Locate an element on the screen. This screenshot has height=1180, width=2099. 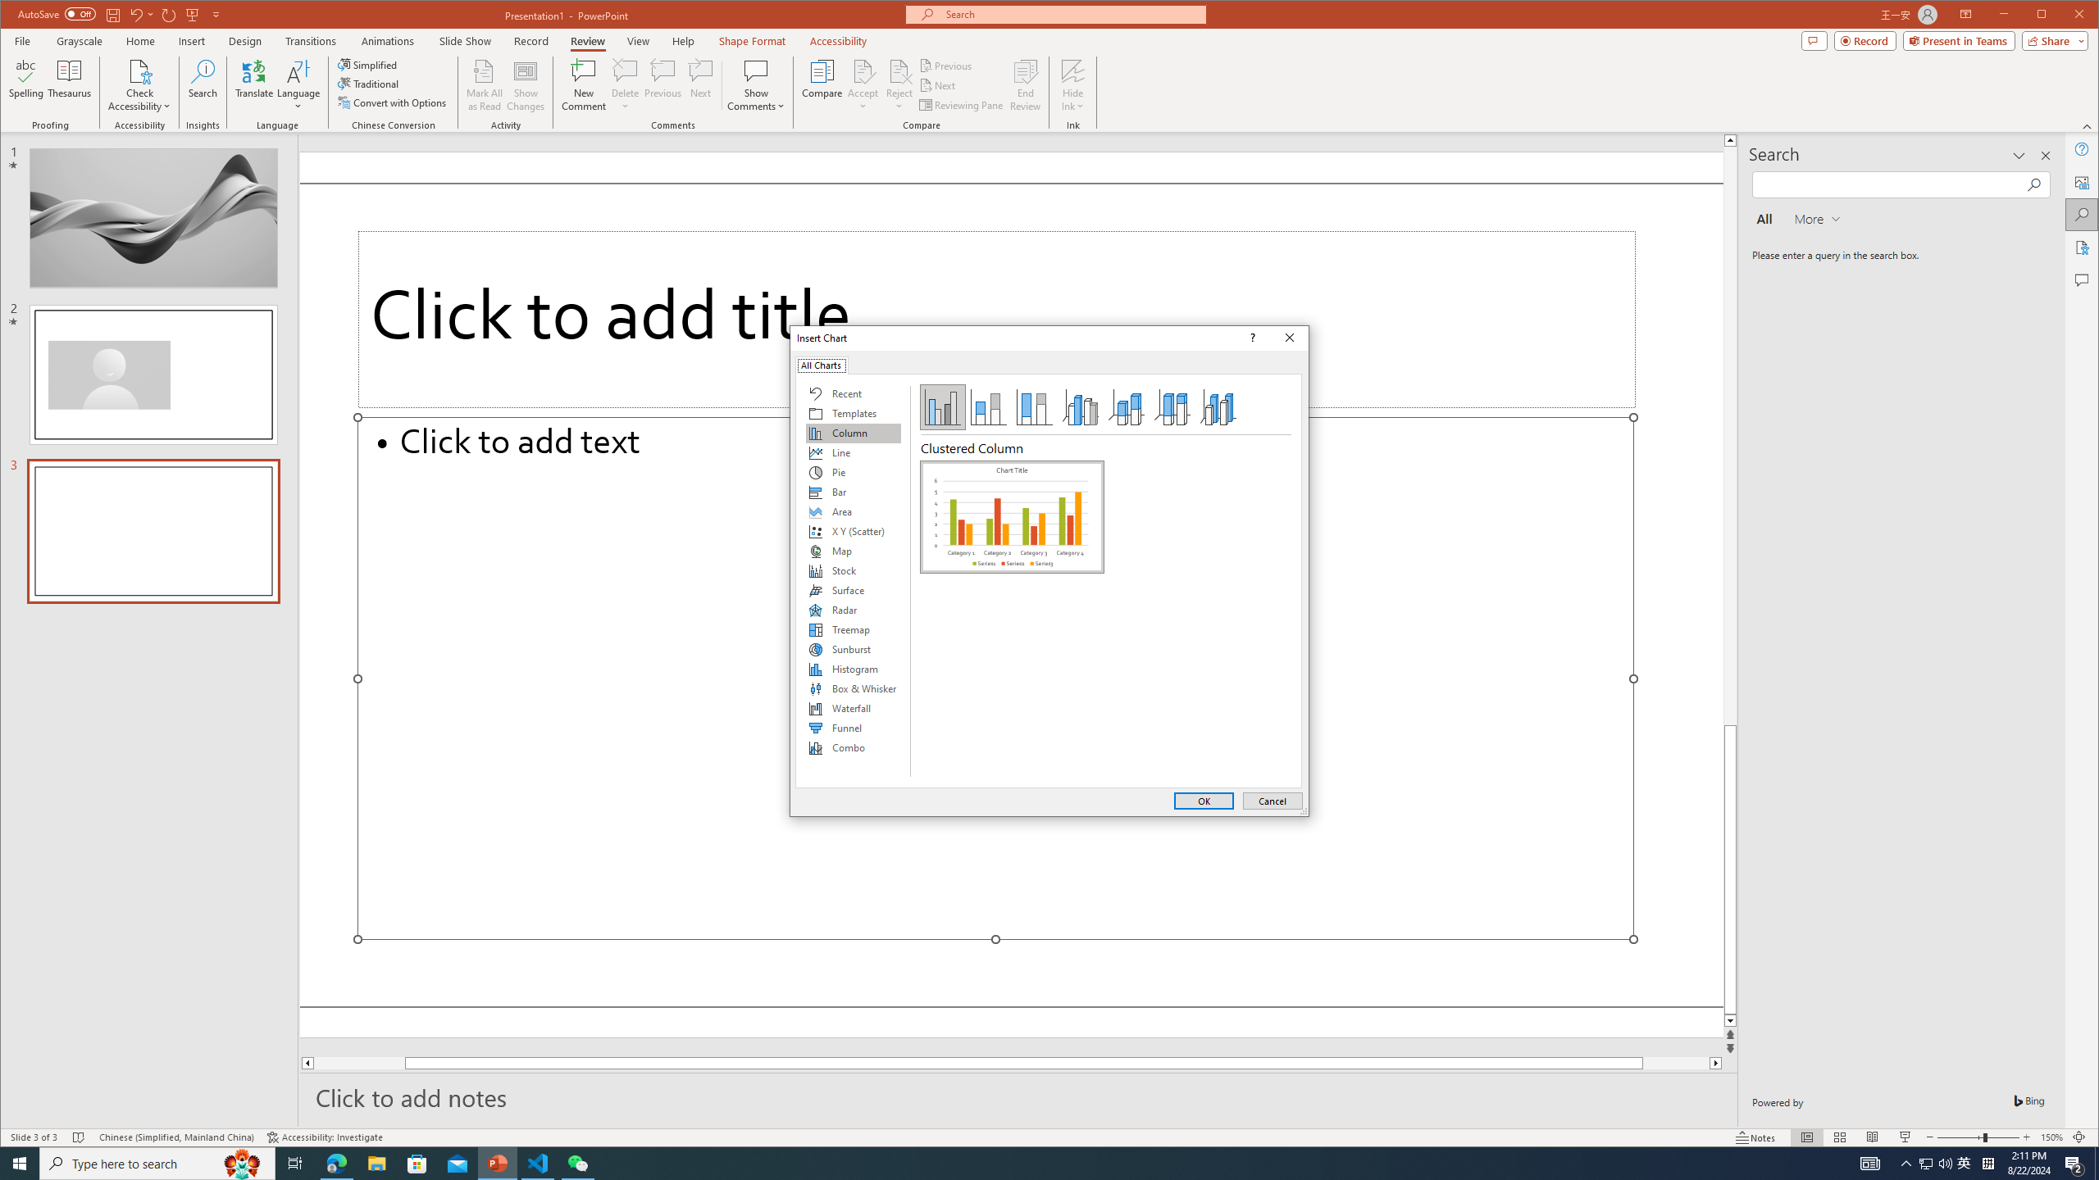
'Box & Whisker' is located at coordinates (852, 688).